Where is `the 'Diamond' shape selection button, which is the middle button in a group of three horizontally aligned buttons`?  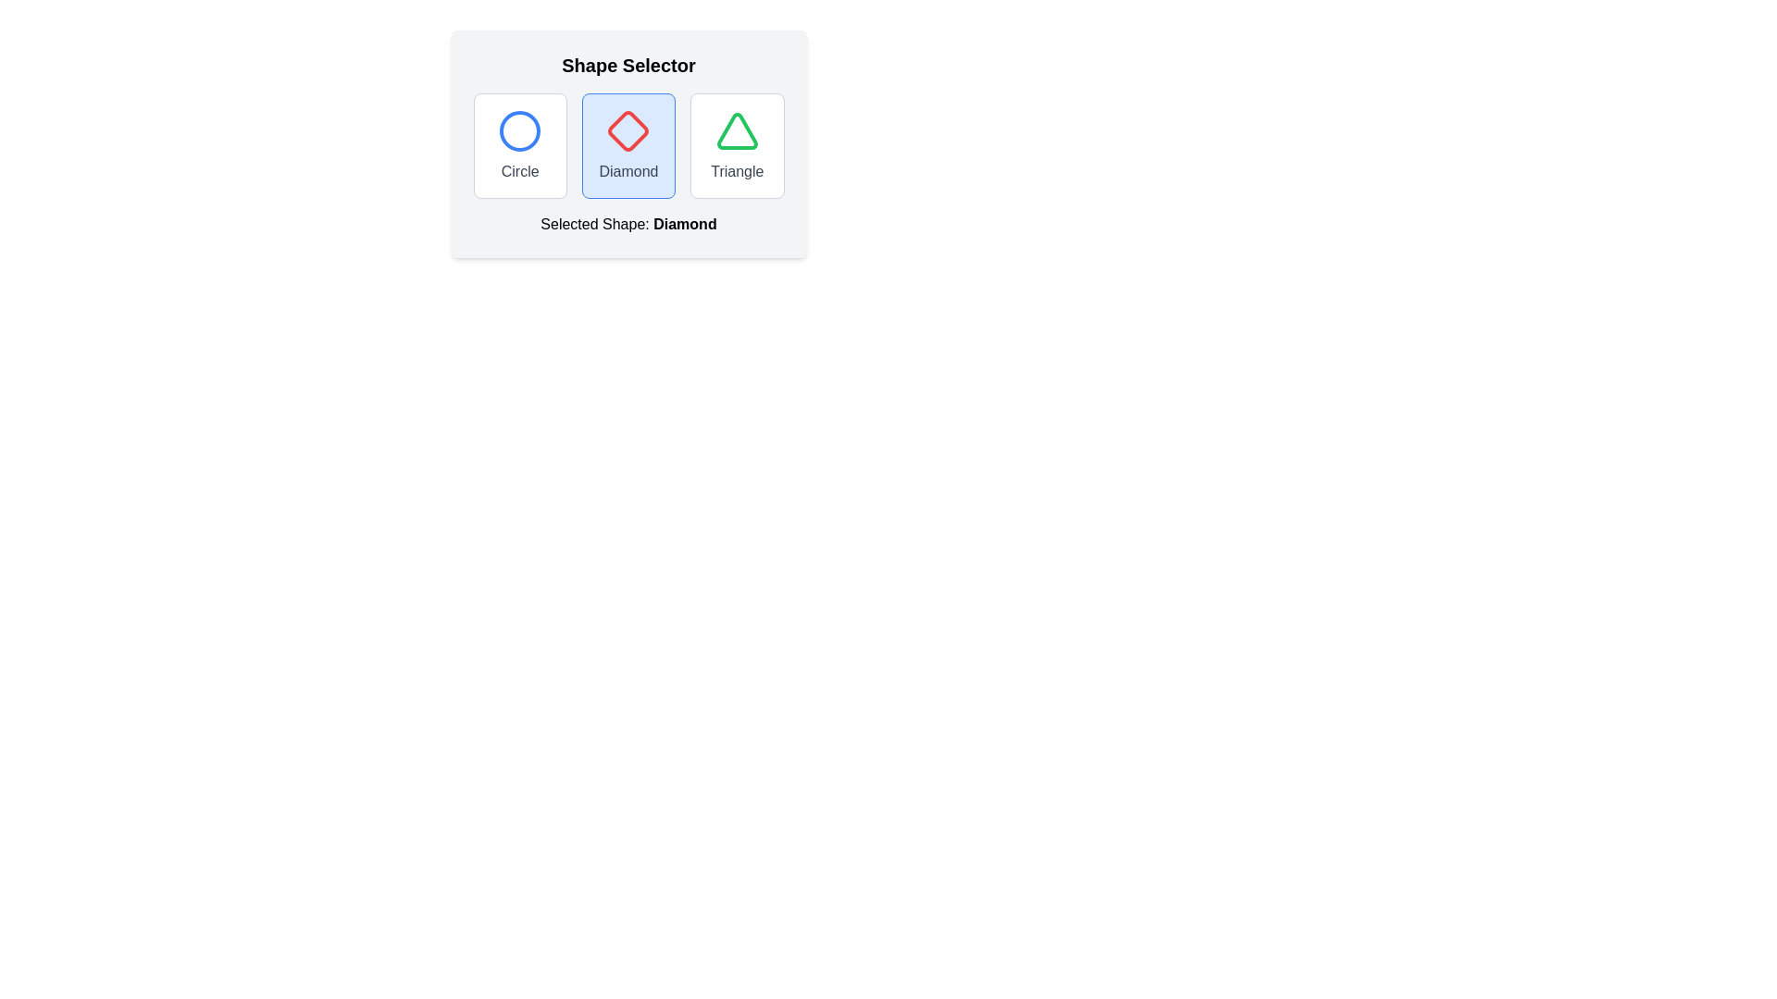 the 'Diamond' shape selection button, which is the middle button in a group of three horizontally aligned buttons is located at coordinates (628, 145).